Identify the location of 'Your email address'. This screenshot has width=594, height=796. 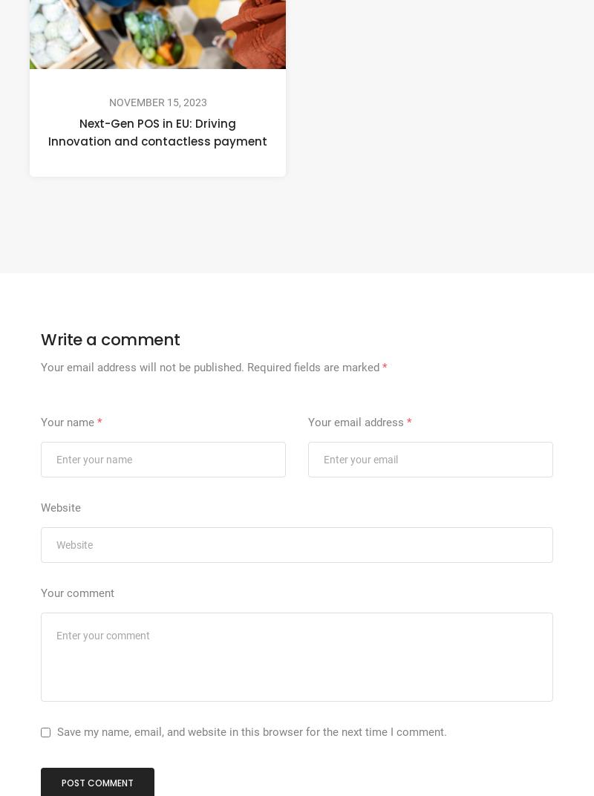
(308, 421).